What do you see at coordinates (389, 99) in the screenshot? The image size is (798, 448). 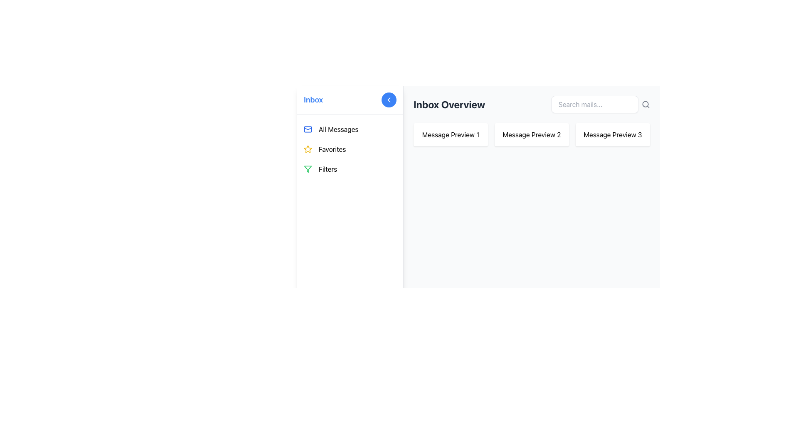 I see `the leftward-pointing chevron icon located in the top-right corner of the application interface` at bounding box center [389, 99].